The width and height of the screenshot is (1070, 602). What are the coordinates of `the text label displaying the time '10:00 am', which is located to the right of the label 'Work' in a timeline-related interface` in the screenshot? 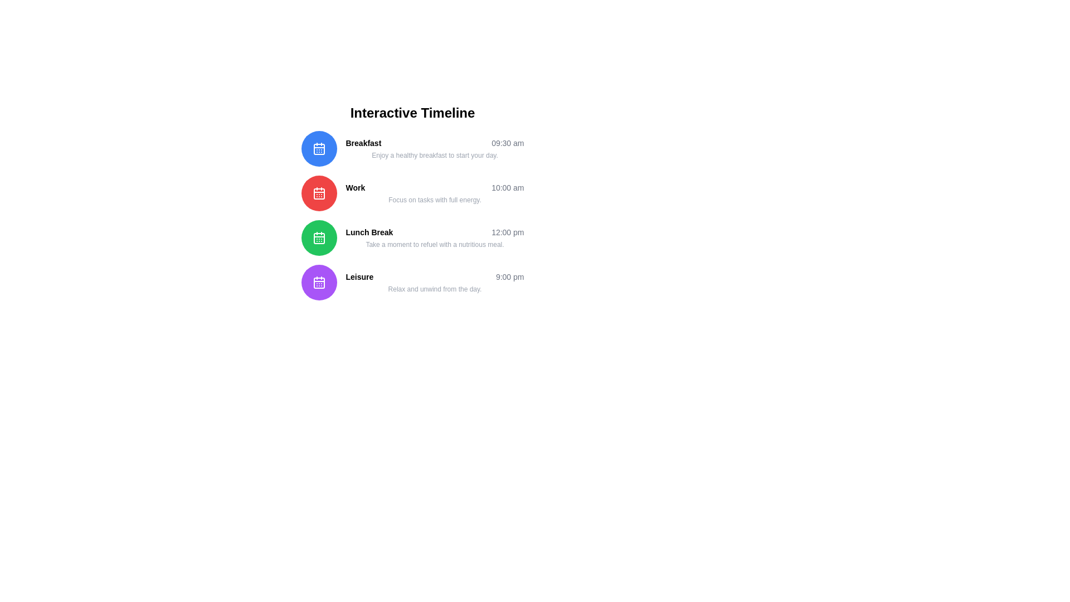 It's located at (507, 187).